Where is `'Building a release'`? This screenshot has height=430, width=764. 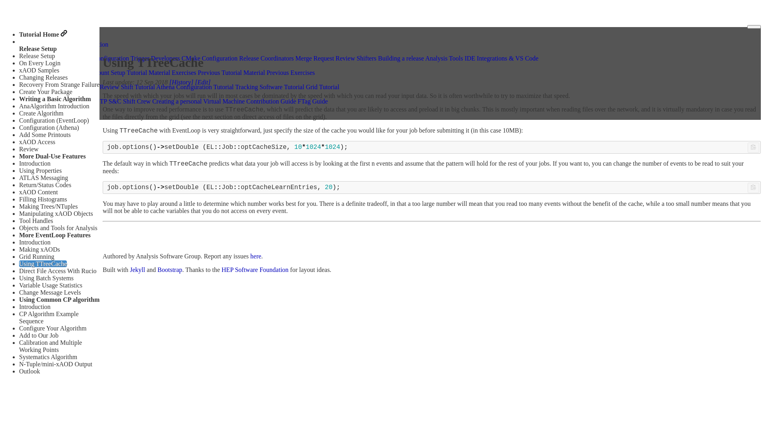
'Building a release' is located at coordinates (401, 58).